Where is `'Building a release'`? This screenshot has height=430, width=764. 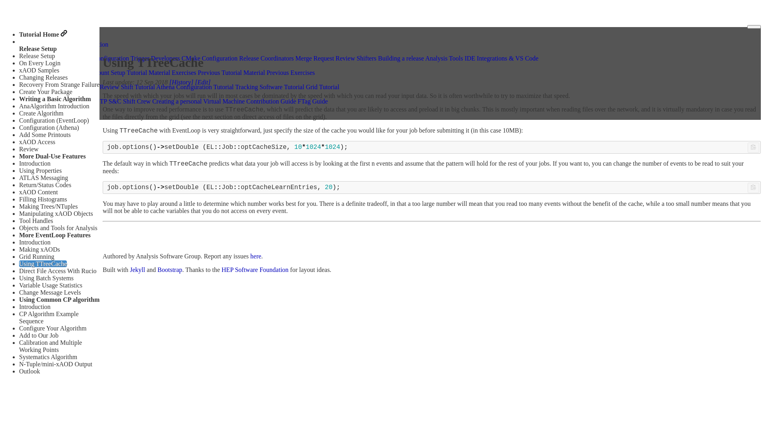
'Building a release' is located at coordinates (401, 58).